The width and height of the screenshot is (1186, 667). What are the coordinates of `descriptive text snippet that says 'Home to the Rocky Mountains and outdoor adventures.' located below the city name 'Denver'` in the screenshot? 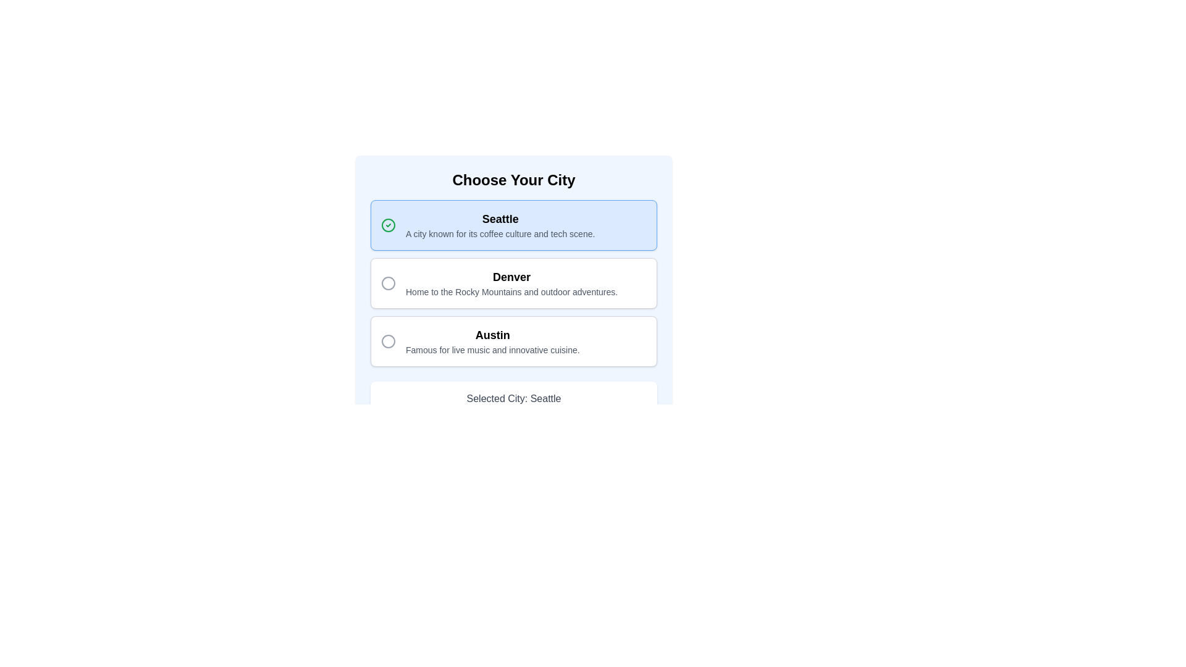 It's located at (511, 292).